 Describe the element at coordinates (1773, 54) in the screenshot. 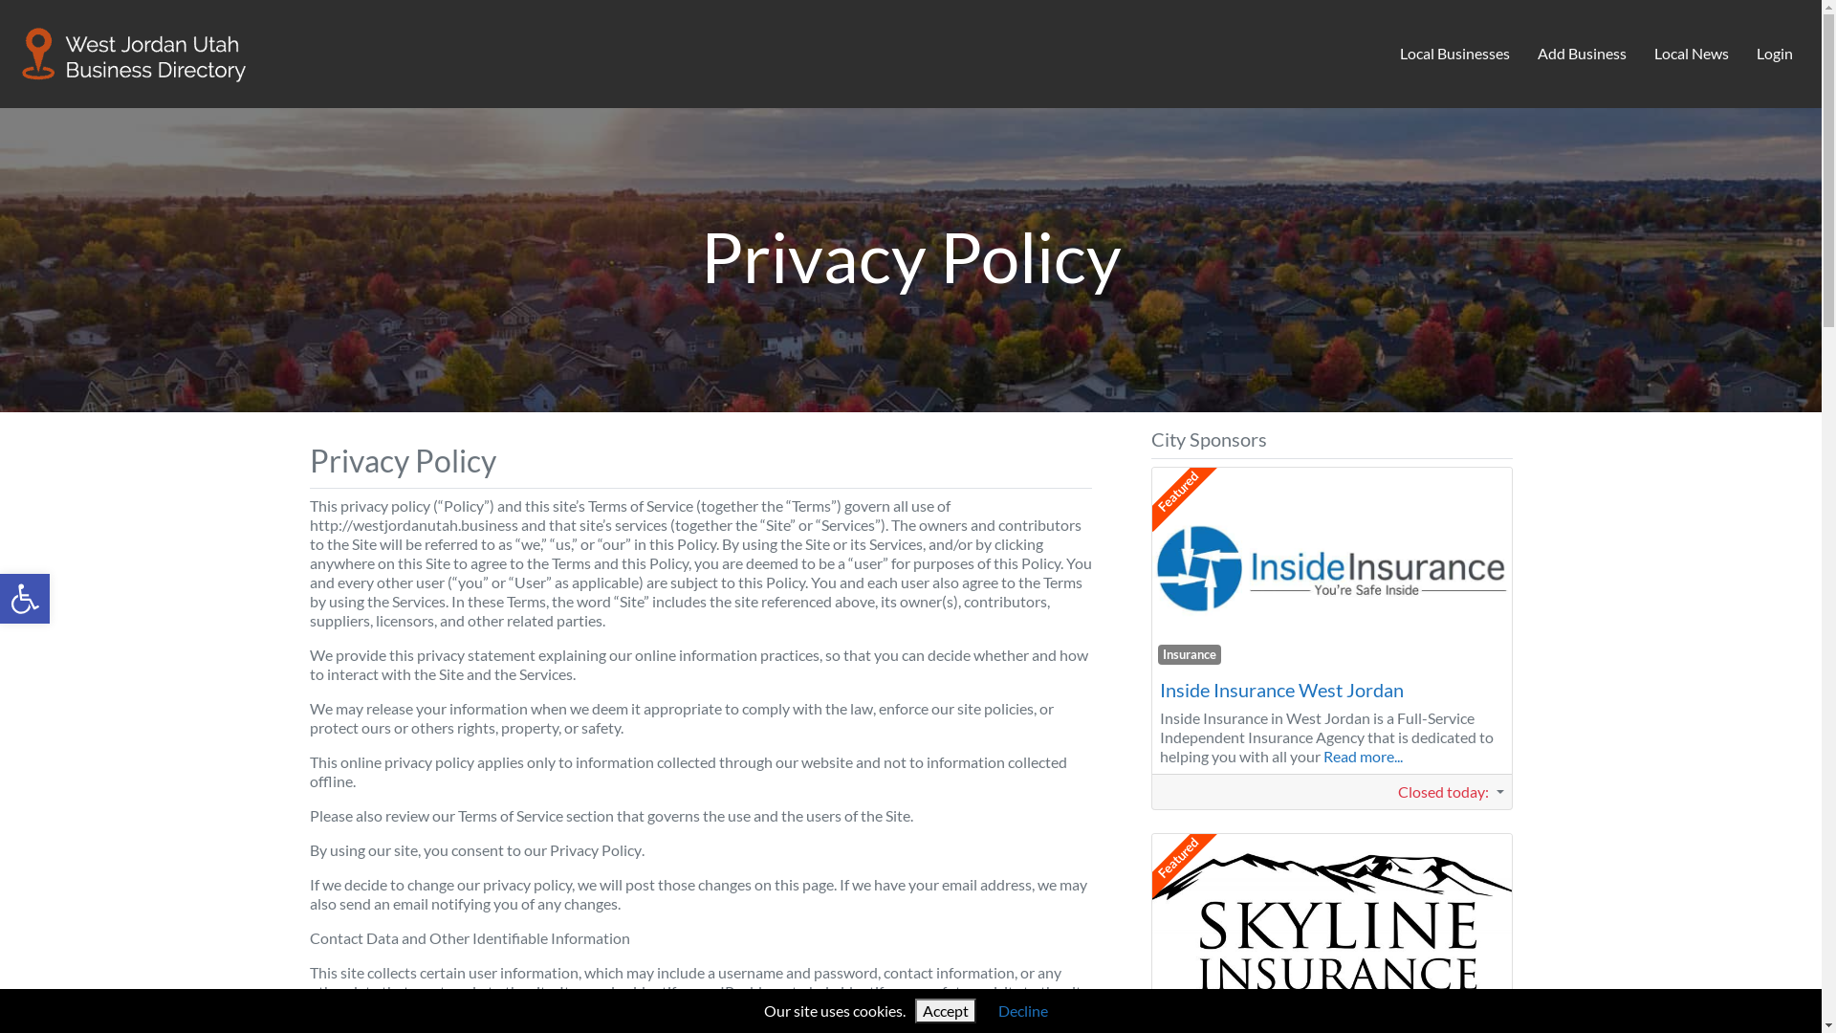

I see `'Login'` at that location.